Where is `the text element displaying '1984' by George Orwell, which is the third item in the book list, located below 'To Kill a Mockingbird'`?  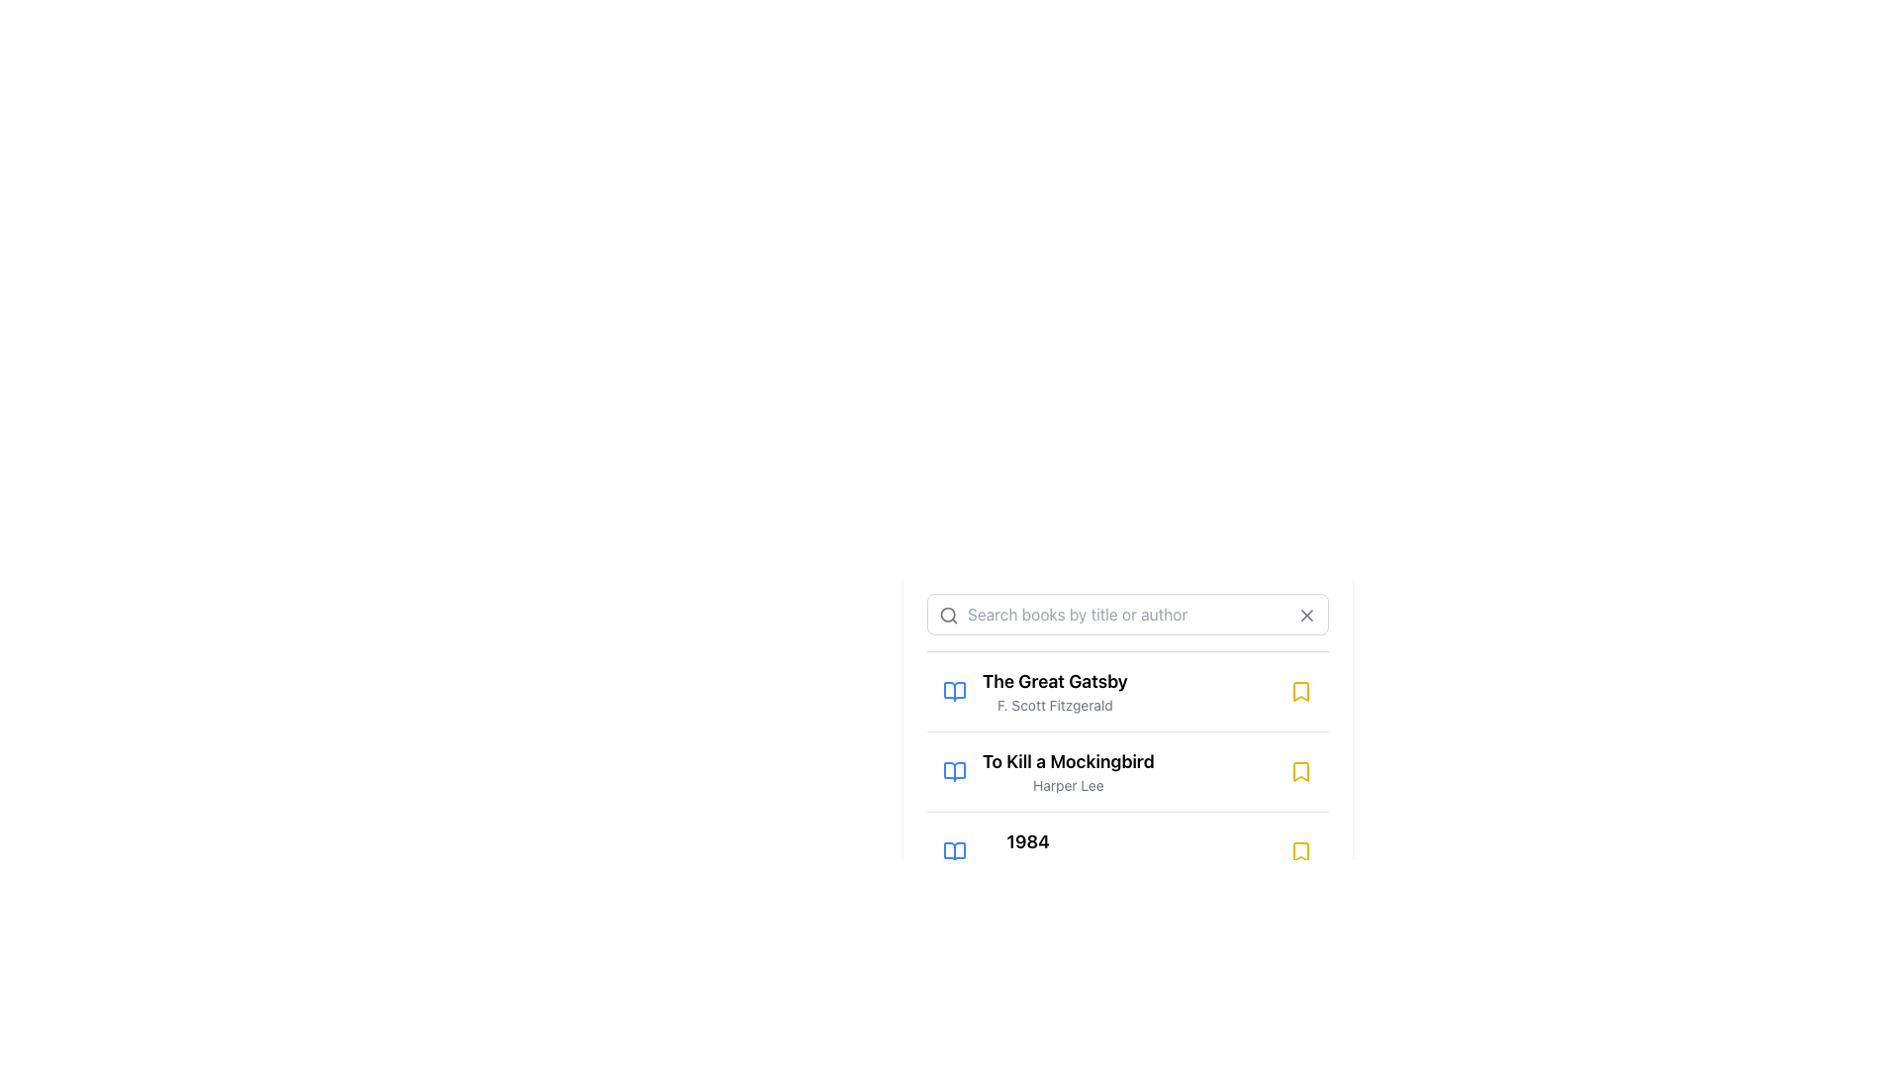
the text element displaying '1984' by George Orwell, which is the third item in the book list, located below 'To Kill a Mockingbird' is located at coordinates (1027, 850).